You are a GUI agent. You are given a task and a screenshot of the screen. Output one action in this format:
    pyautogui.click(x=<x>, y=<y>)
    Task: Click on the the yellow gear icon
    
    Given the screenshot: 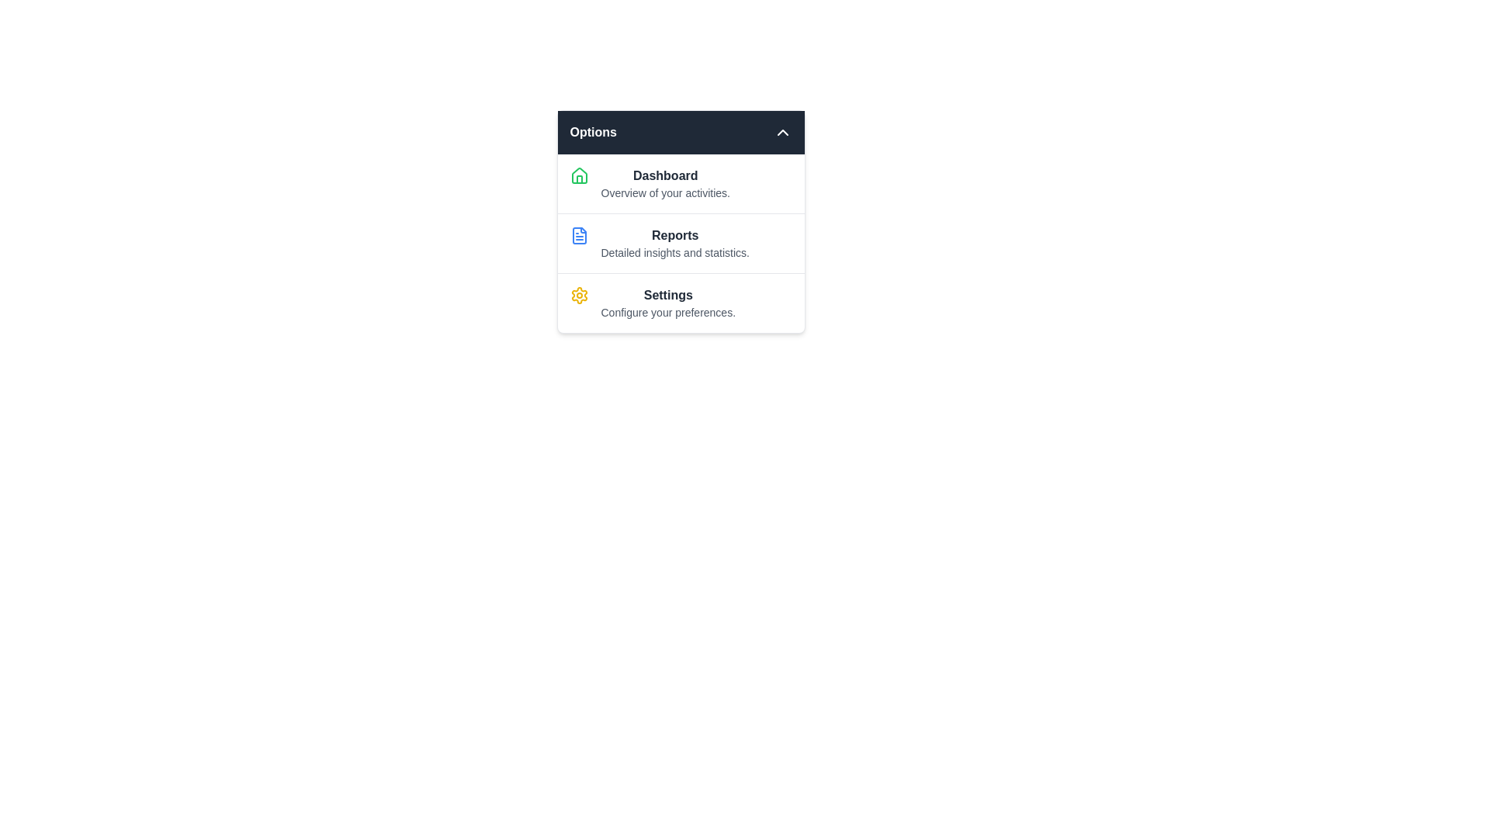 What is the action you would take?
    pyautogui.click(x=578, y=296)
    